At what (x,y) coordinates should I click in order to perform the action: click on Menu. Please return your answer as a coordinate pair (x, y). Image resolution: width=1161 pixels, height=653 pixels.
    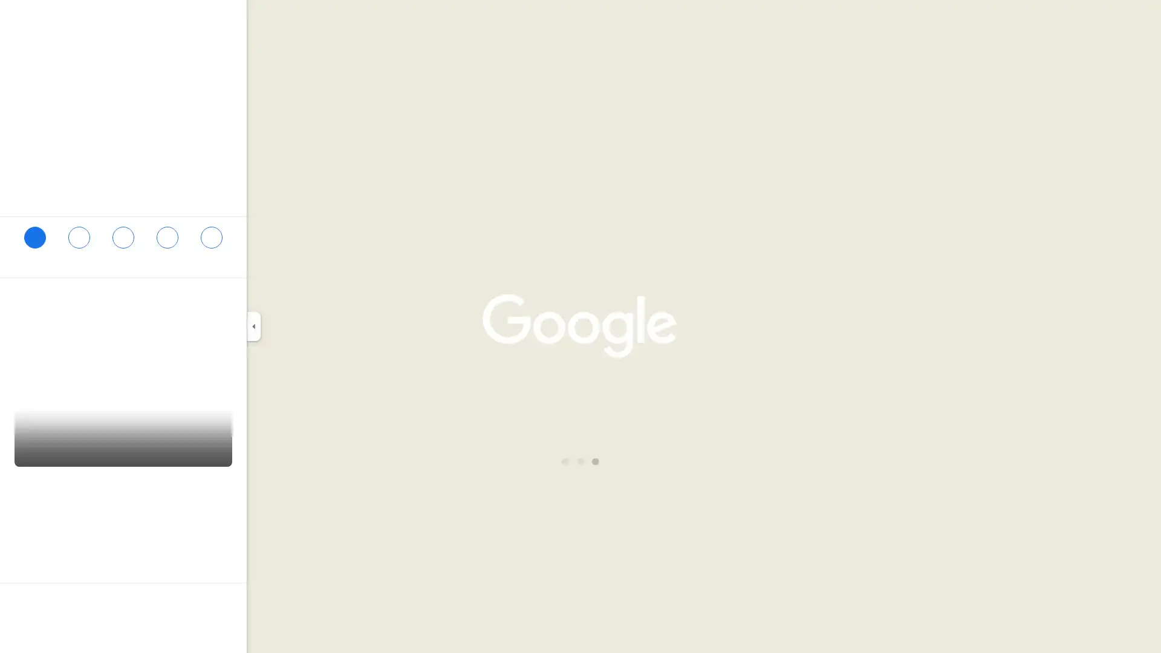
    Looking at the image, I should click on (21, 21).